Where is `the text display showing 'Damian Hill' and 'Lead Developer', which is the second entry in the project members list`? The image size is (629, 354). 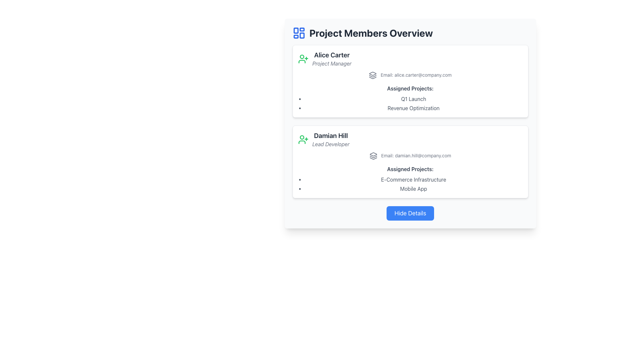 the text display showing 'Damian Hill' and 'Lead Developer', which is the second entry in the project members list is located at coordinates (331, 139).